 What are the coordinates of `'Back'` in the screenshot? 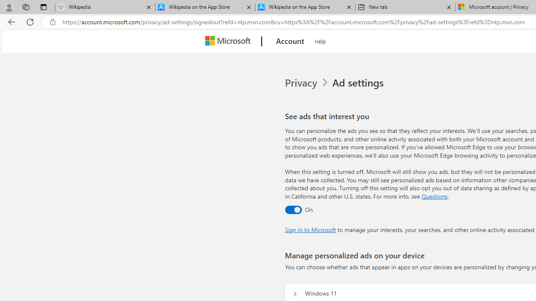 It's located at (10, 21).